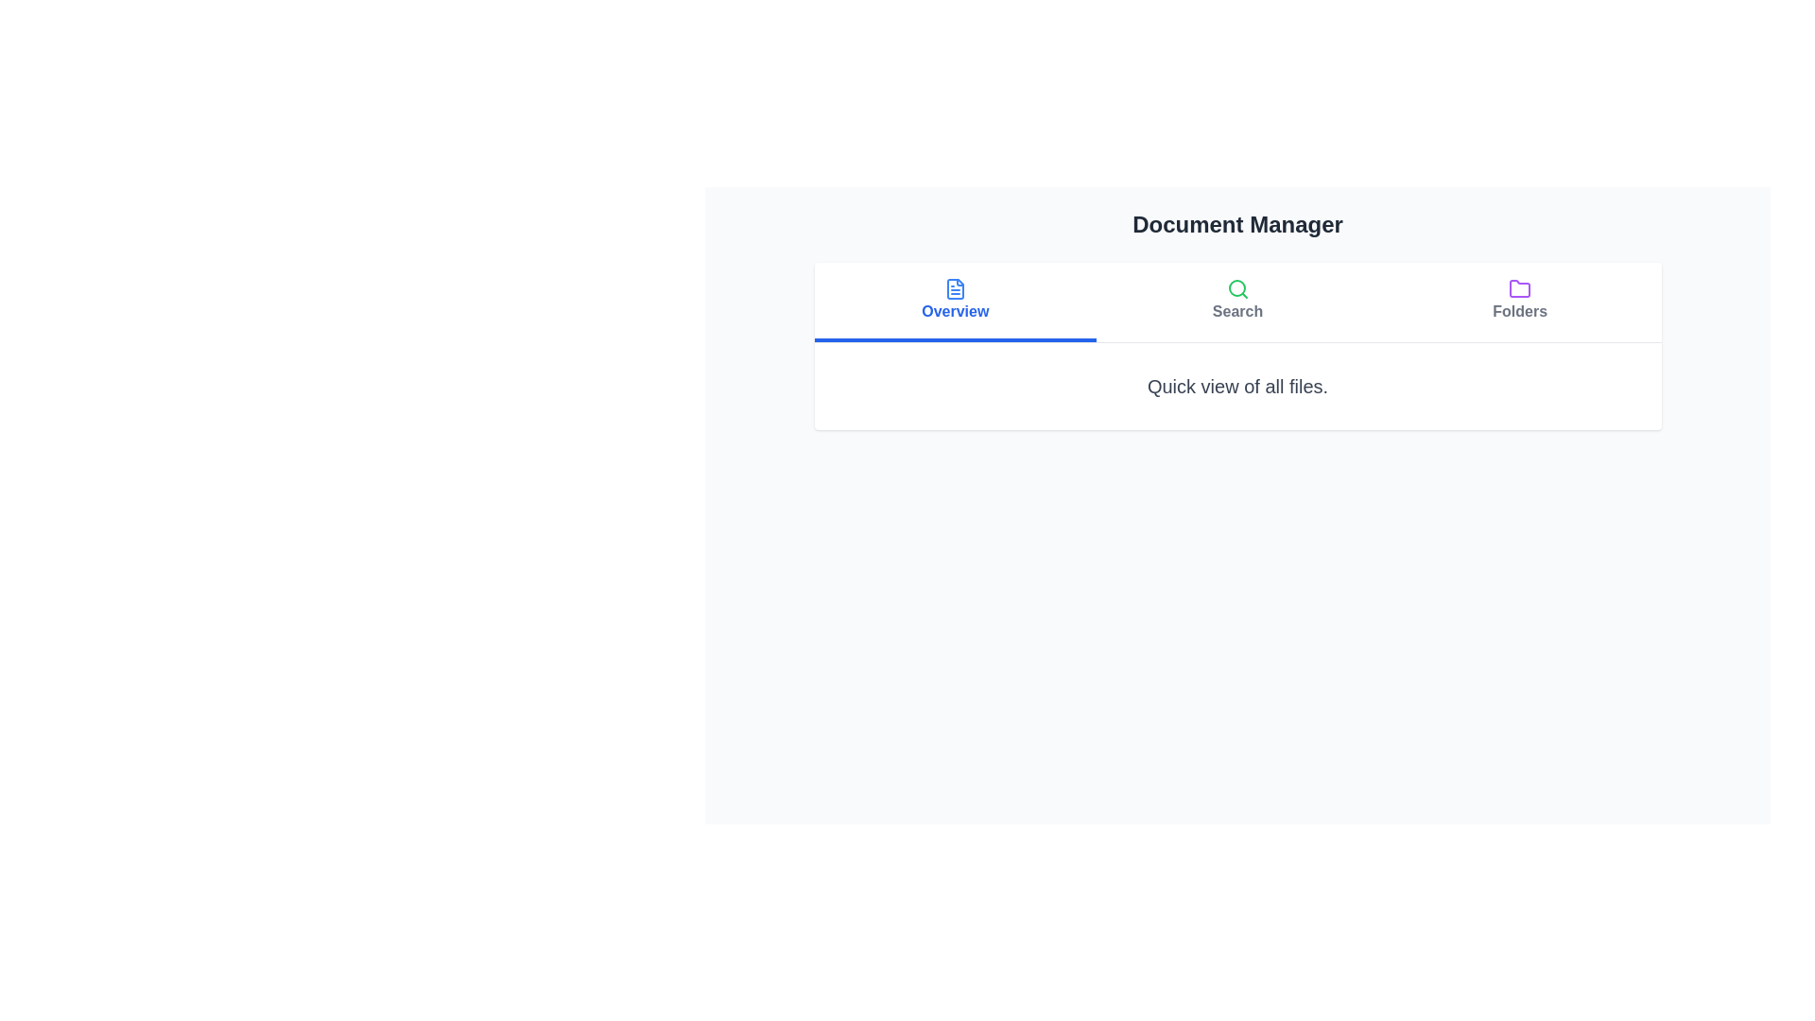 This screenshot has width=1815, height=1021. I want to click on the static text component that provides context or guidance about file-related operations, located centrally beneath the navigation options, so click(1237, 385).